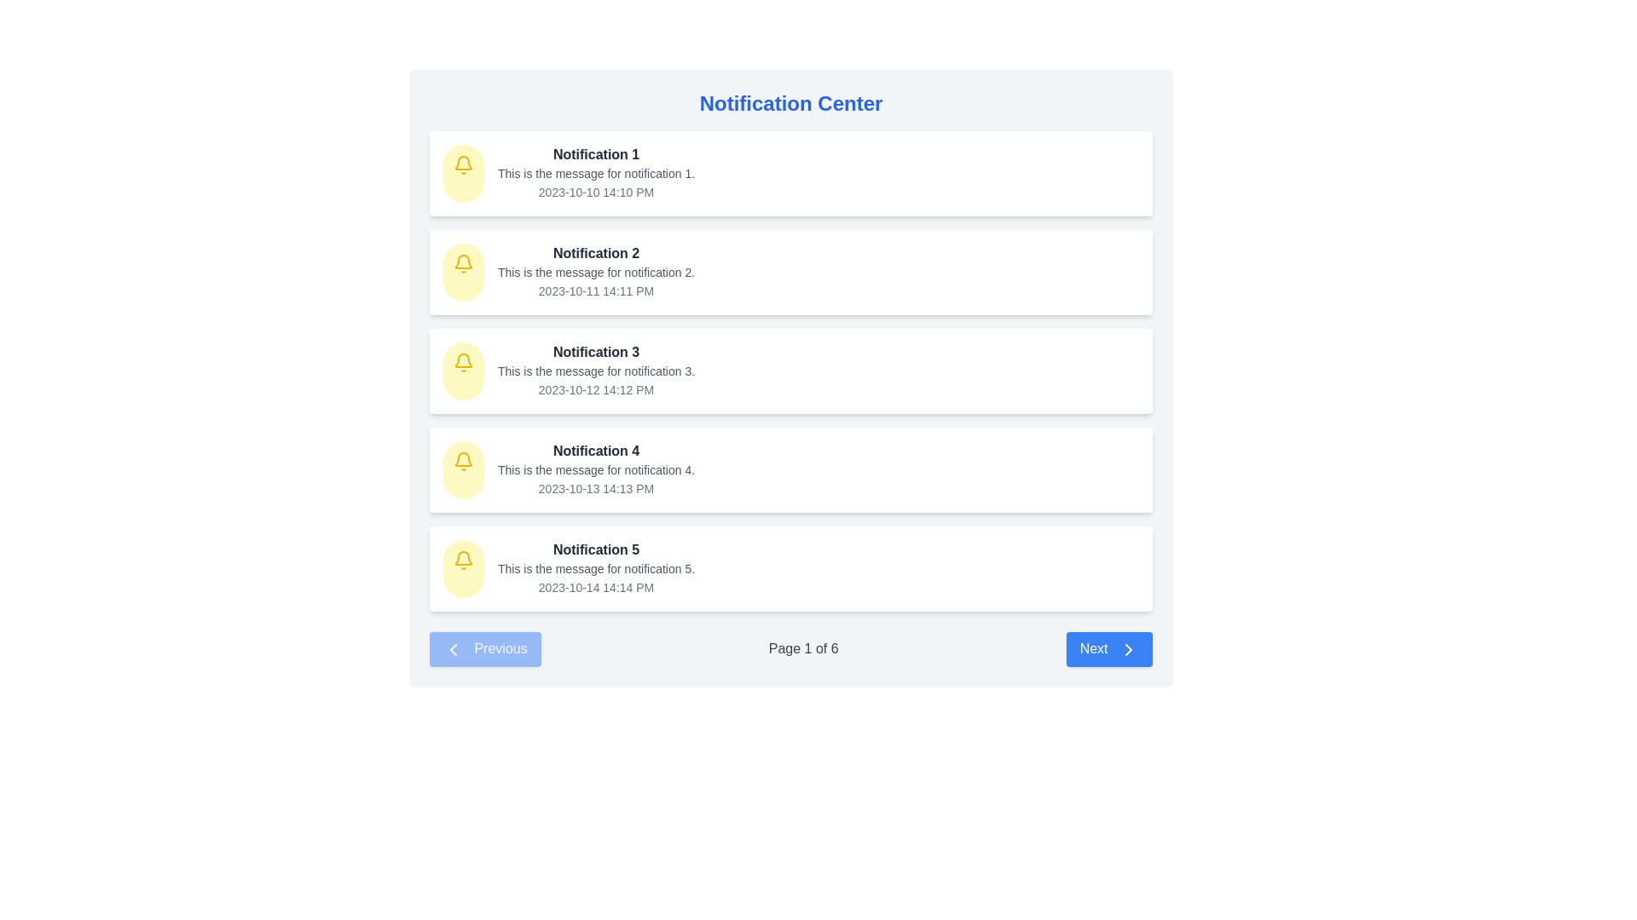  Describe the element at coordinates (596, 568) in the screenshot. I see `the Notification Card containing the title 'Notification 5', which displays a message 'This is the message for notification 5.' and a timestamp '2023-10-14 14:14 PM'. This card is styled with a white background and is the fifth in a vertical list of notifications` at that location.